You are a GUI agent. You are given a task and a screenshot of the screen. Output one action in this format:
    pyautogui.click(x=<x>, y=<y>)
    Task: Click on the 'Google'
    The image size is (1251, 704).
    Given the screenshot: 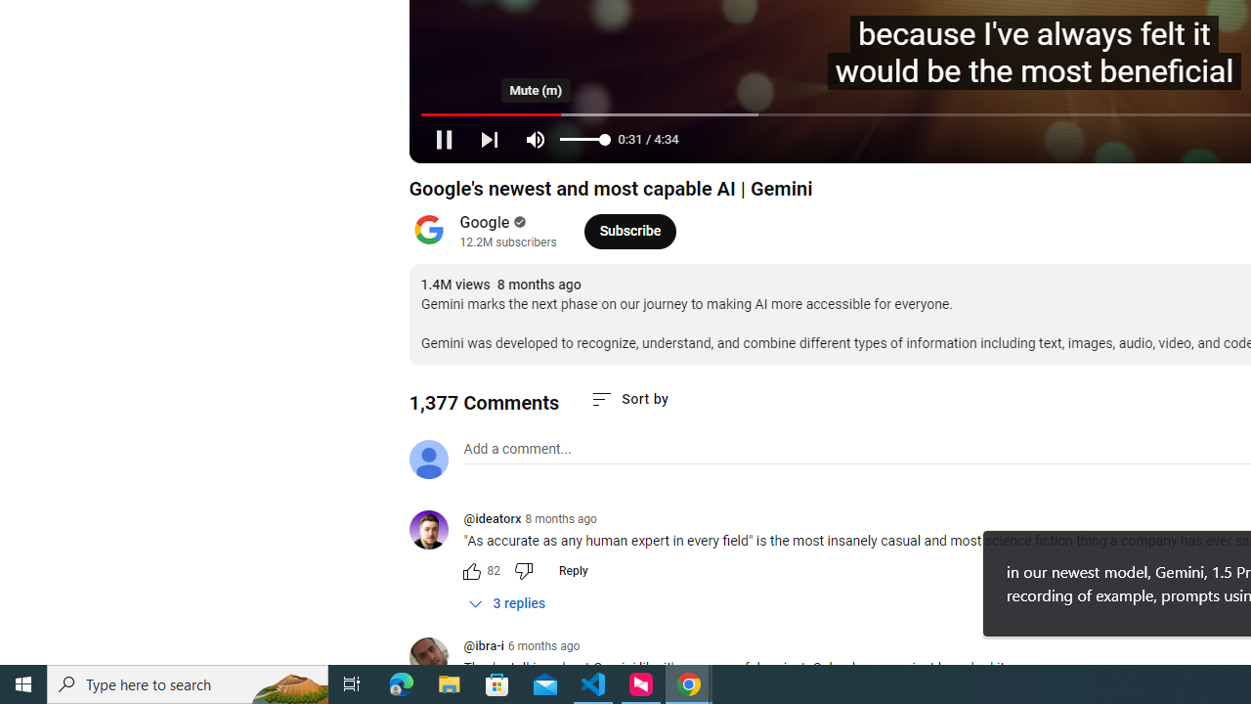 What is the action you would take?
    pyautogui.click(x=485, y=221)
    